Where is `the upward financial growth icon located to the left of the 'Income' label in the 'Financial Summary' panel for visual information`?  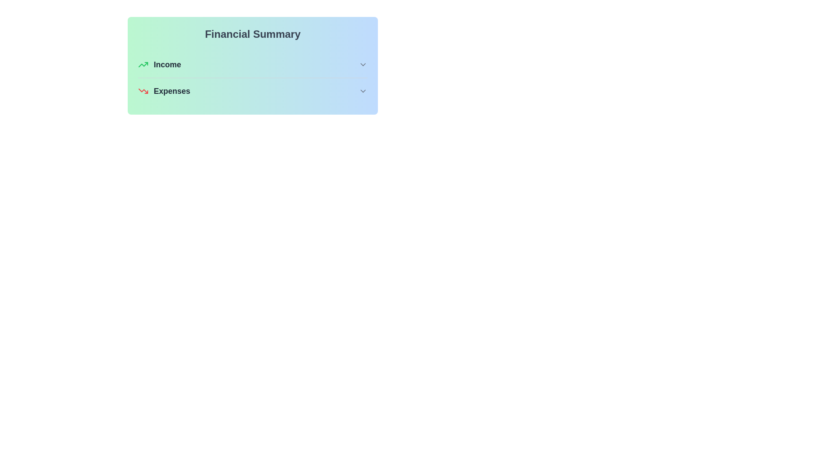
the upward financial growth icon located to the left of the 'Income' label in the 'Financial Summary' panel for visual information is located at coordinates (143, 64).